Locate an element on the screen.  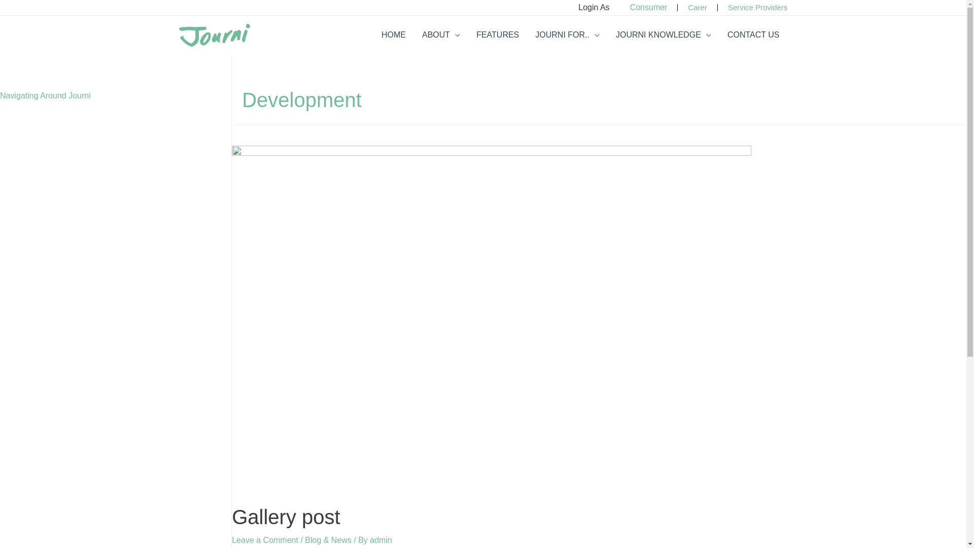
'Gallery post' is located at coordinates (285, 517).